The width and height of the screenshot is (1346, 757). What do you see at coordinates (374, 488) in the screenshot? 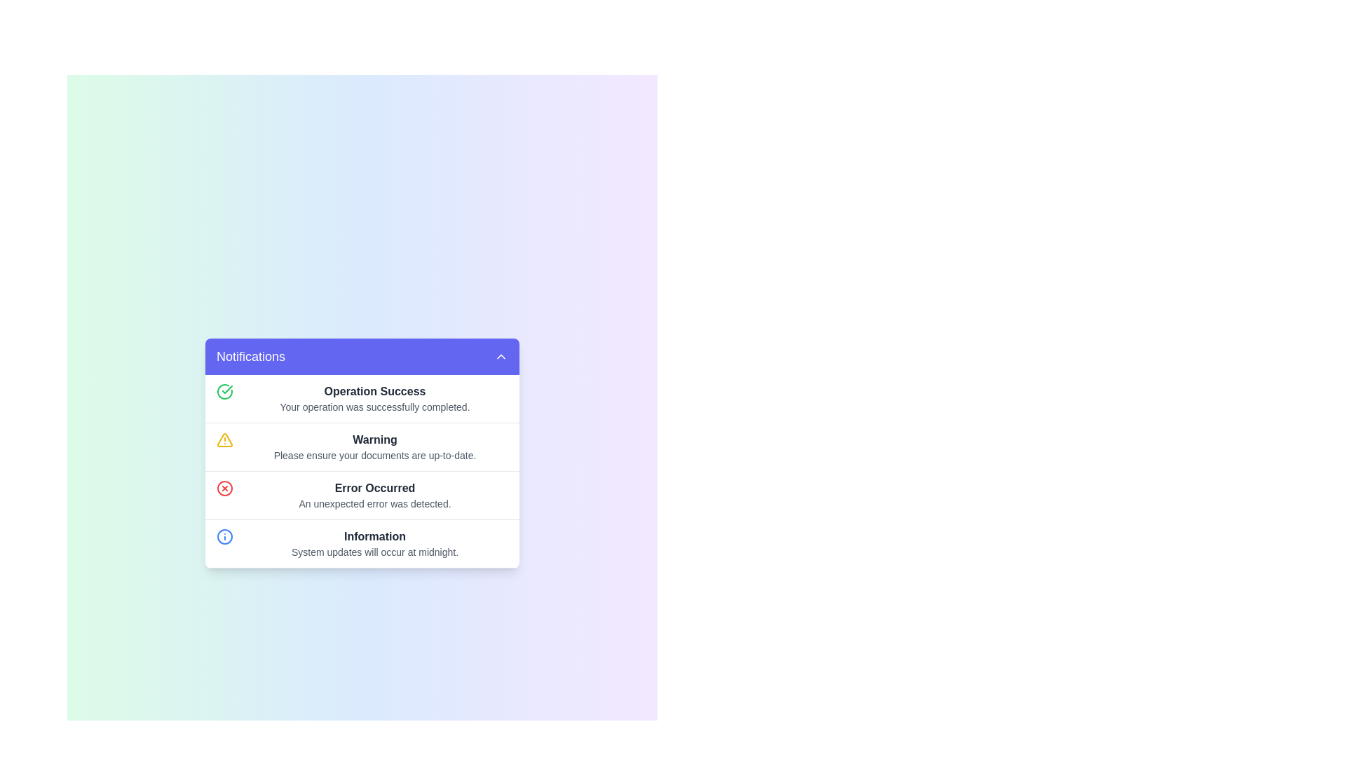
I see `the bold textual heading 'Error Occurred' which signifies an error message in the notifications list` at bounding box center [374, 488].